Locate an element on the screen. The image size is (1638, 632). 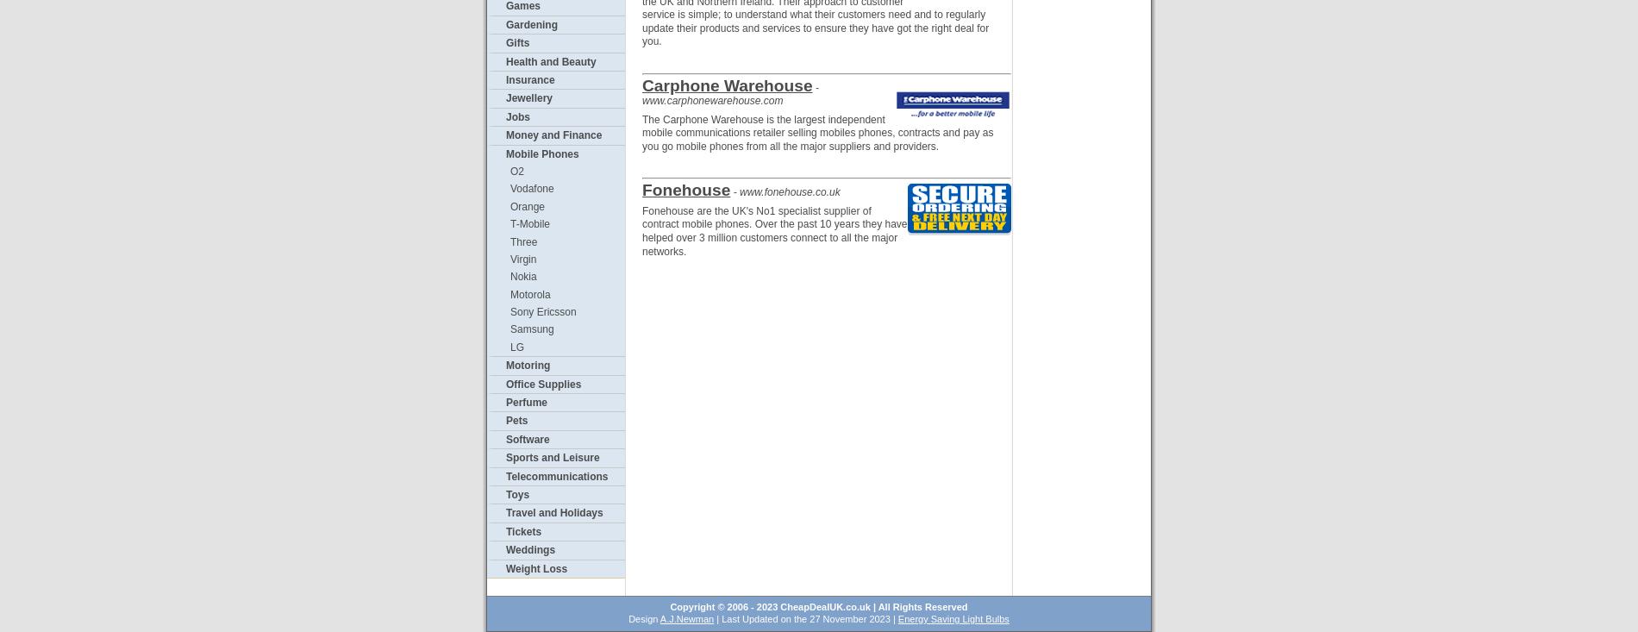
'Travel and Holidays' is located at coordinates (553, 511).